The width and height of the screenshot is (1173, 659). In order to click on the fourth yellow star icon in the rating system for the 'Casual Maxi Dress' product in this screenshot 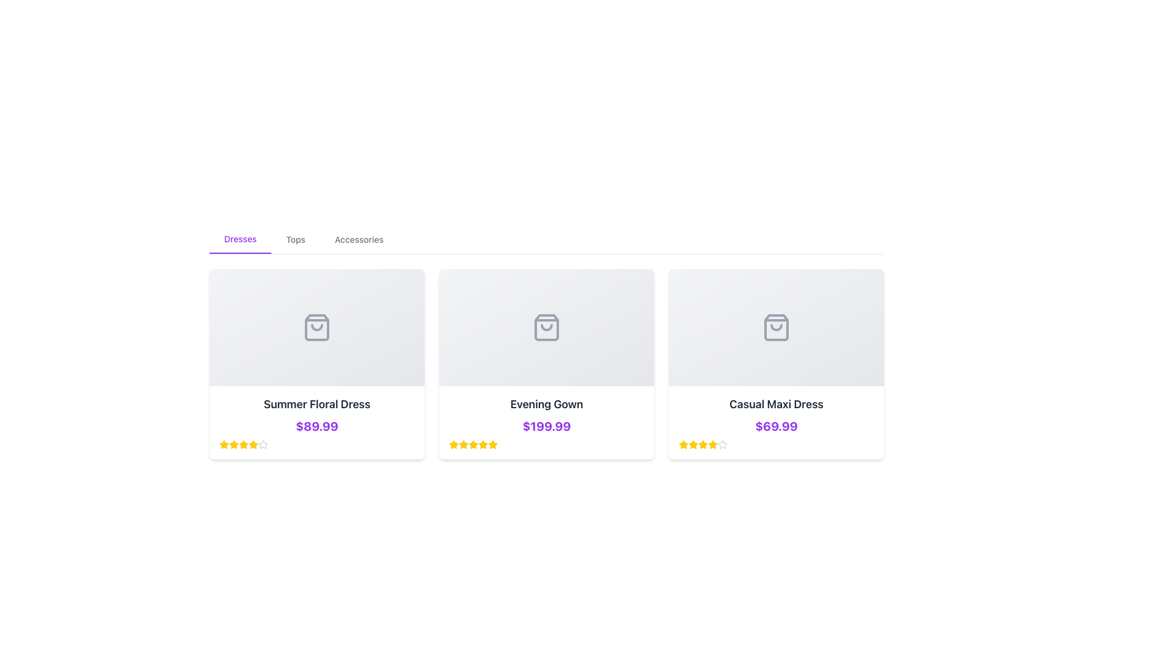, I will do `click(703, 445)`.